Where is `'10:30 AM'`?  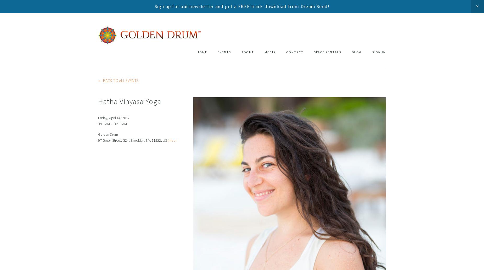
'10:30 AM' is located at coordinates (120, 124).